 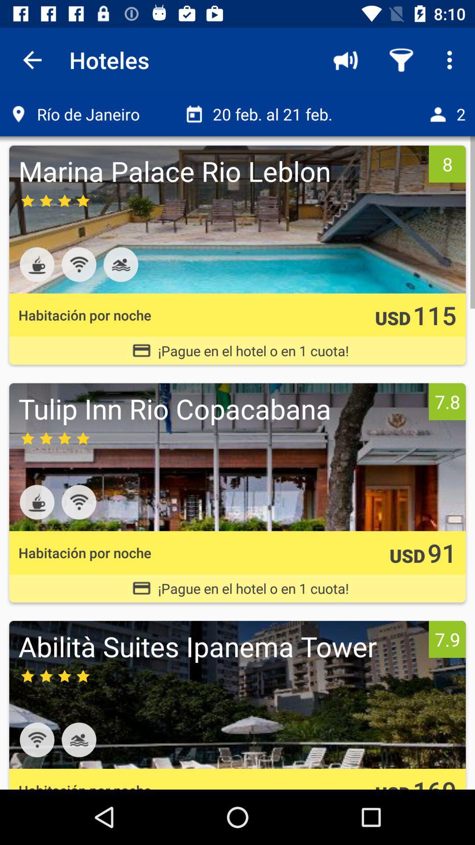 What do you see at coordinates (442, 552) in the screenshot?
I see `the item next to the usd icon` at bounding box center [442, 552].